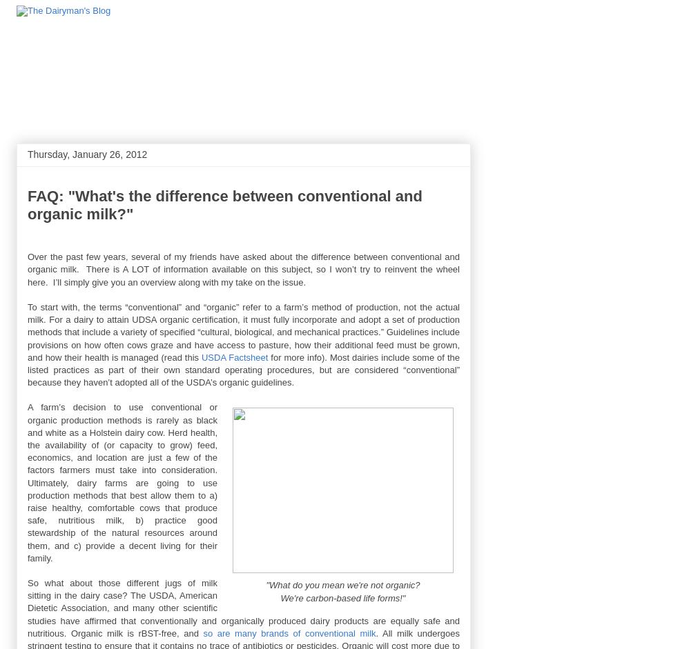 The height and width of the screenshot is (649, 689). What do you see at coordinates (234, 357) in the screenshot?
I see `'USDA Factsheet'` at bounding box center [234, 357].